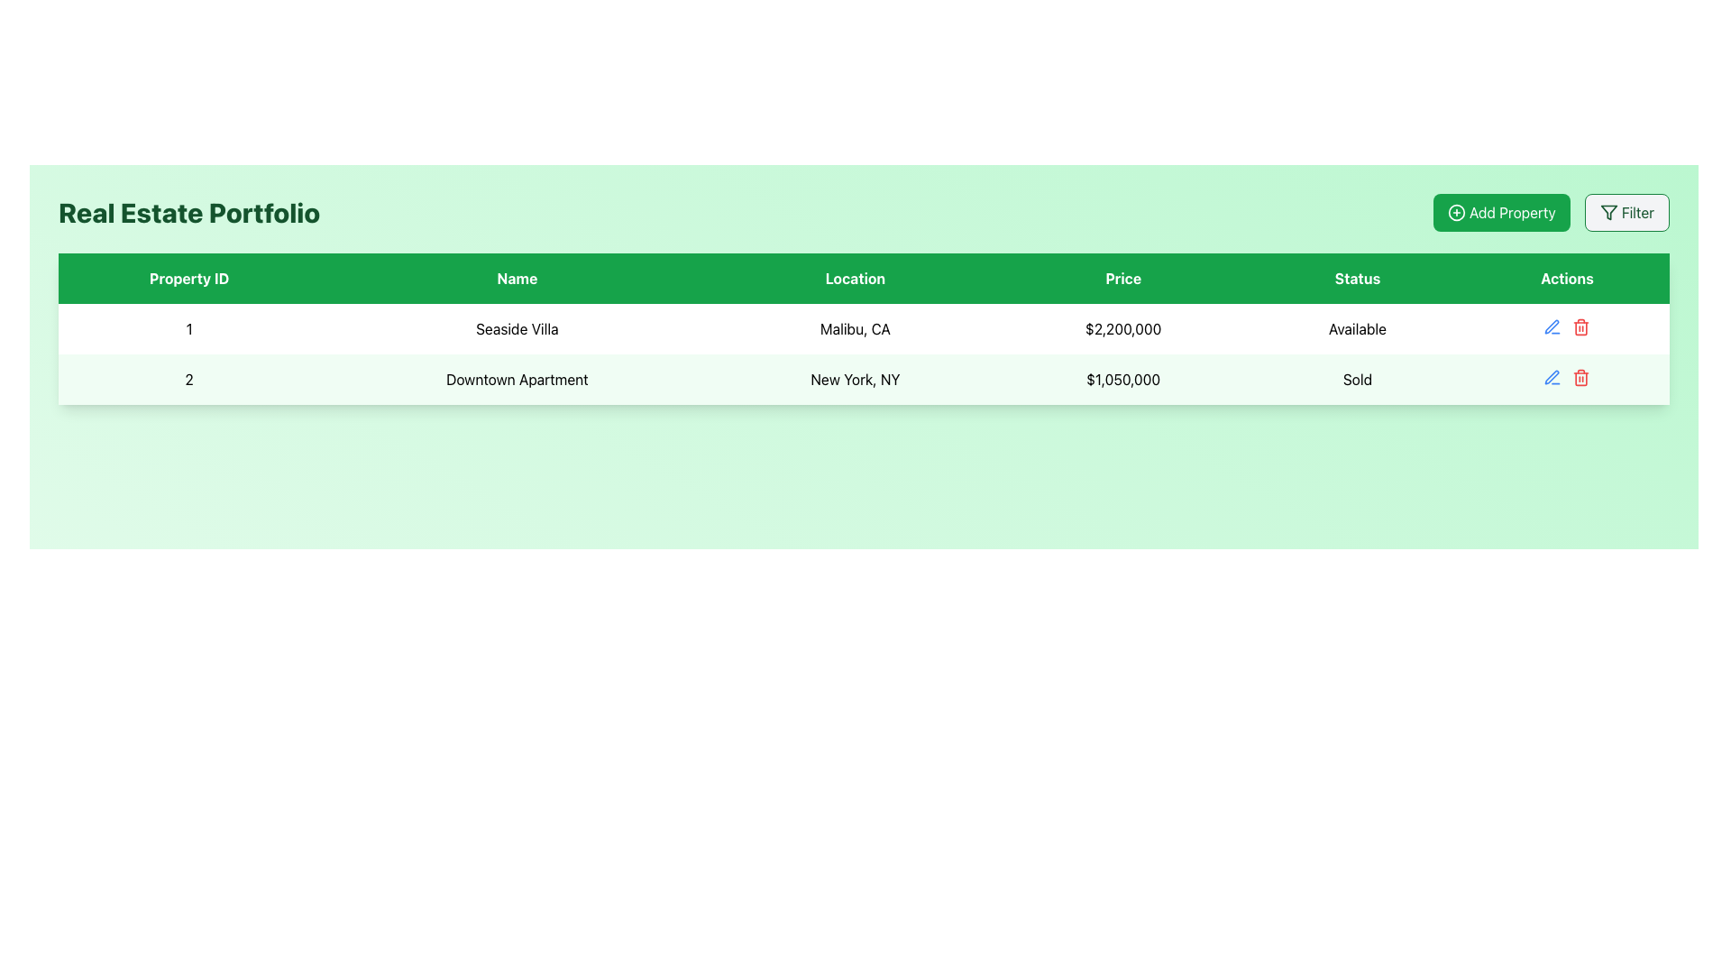 The width and height of the screenshot is (1731, 974). I want to click on the filter icon located within the 'Filter' button at the top right corner of the interface, so click(1608, 211).